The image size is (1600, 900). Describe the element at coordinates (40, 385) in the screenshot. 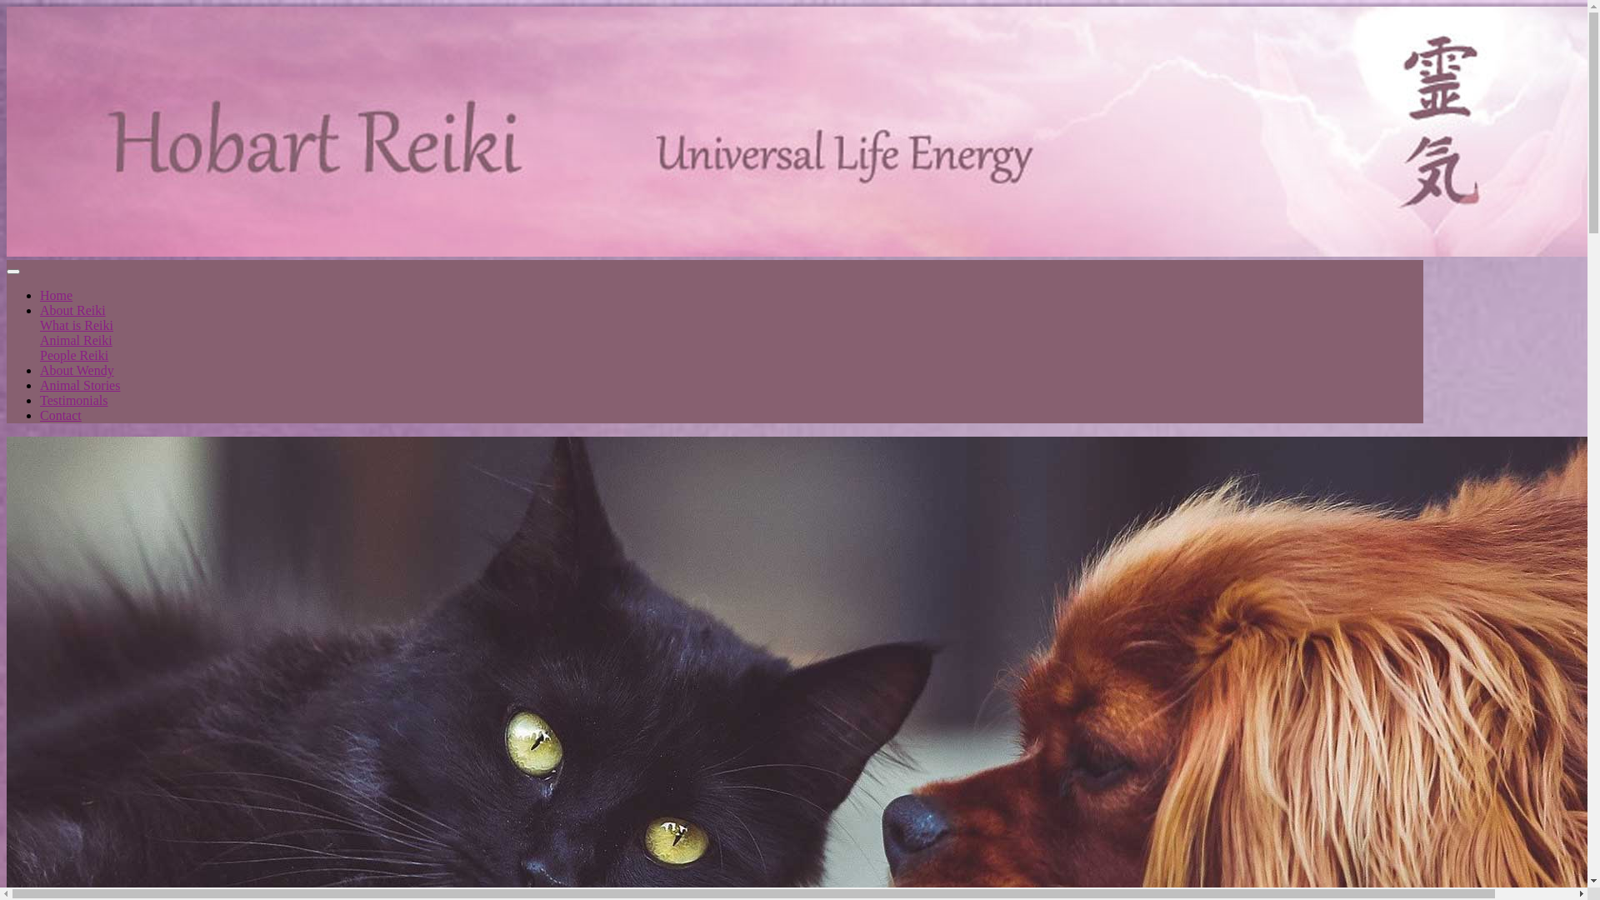

I see `'Animal Stories'` at that location.